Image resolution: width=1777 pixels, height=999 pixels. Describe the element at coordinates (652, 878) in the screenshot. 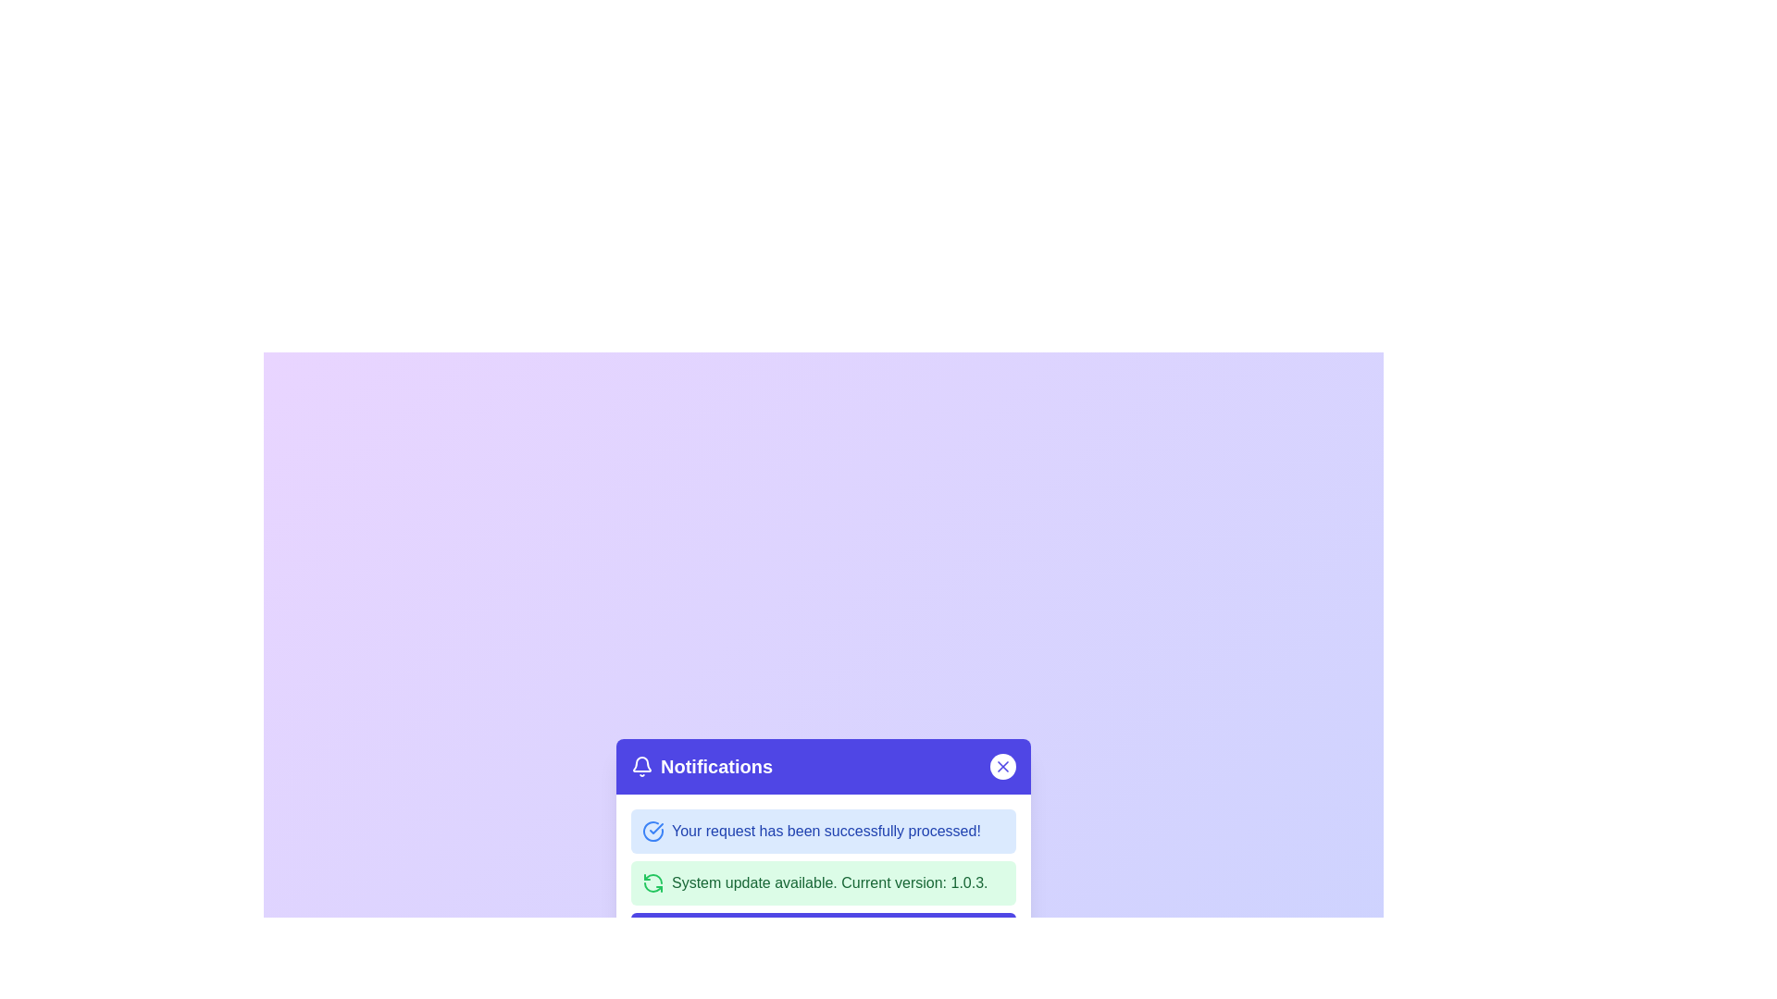

I see `top-left curved segment of the refresh icon styled with a green stroke using developer tools` at that location.